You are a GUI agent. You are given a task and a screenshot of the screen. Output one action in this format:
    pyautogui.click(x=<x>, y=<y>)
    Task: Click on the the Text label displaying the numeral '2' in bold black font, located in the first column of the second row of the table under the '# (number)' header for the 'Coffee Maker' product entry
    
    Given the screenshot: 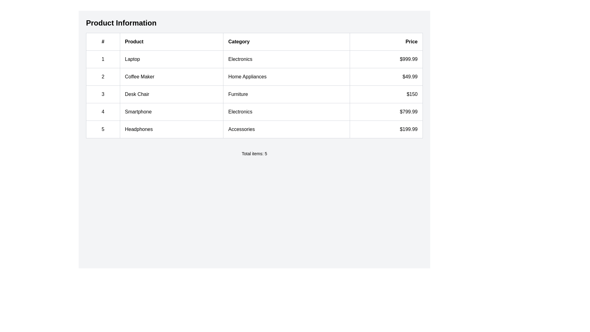 What is the action you would take?
    pyautogui.click(x=103, y=77)
    